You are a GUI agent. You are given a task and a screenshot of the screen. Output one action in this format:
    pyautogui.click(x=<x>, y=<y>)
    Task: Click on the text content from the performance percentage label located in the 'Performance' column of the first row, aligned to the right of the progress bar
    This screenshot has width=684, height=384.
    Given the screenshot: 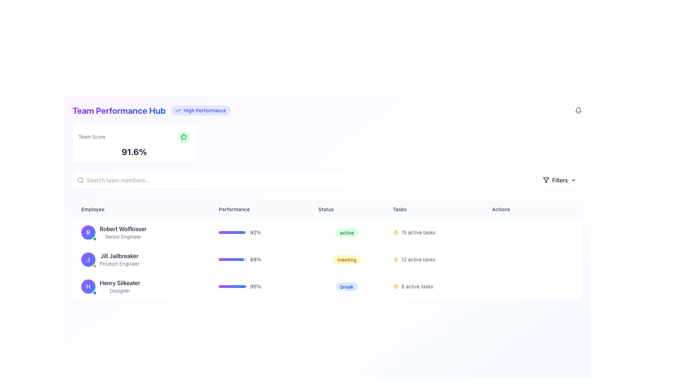 What is the action you would take?
    pyautogui.click(x=255, y=233)
    